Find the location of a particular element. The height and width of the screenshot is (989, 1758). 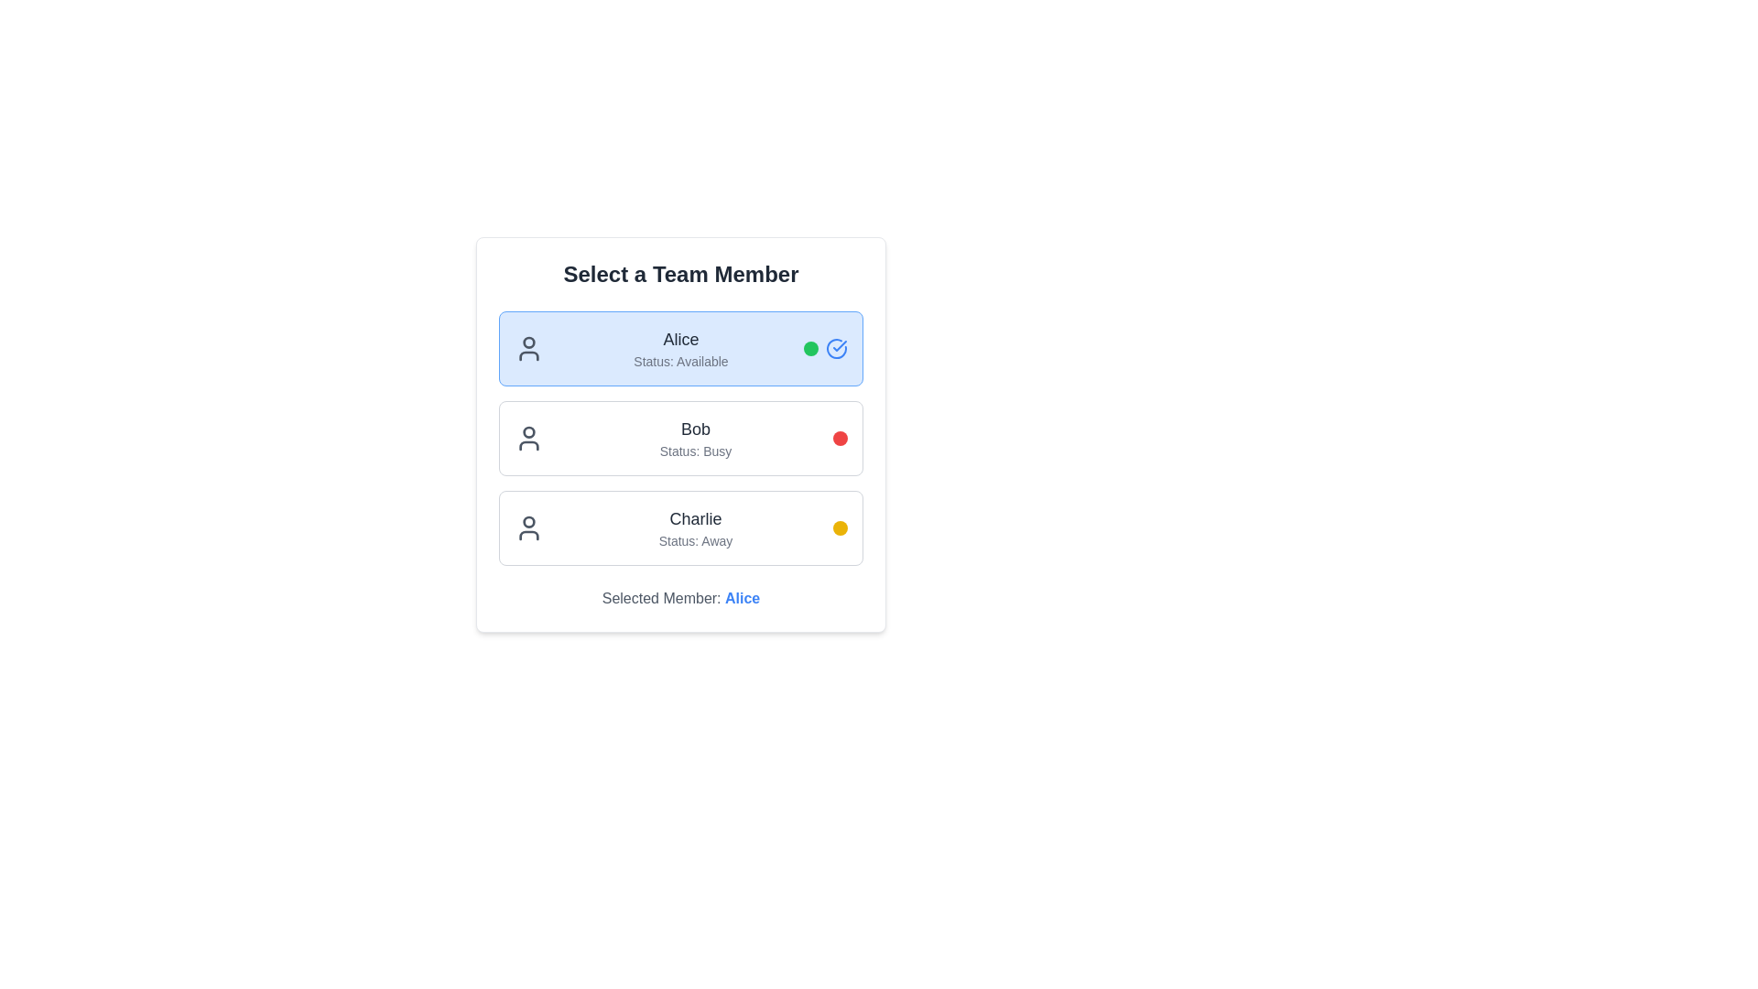

the status Text Label indicating the current status of user 'Charlie', which is located in the user selection panel as the third item from the top is located at coordinates (694, 539).